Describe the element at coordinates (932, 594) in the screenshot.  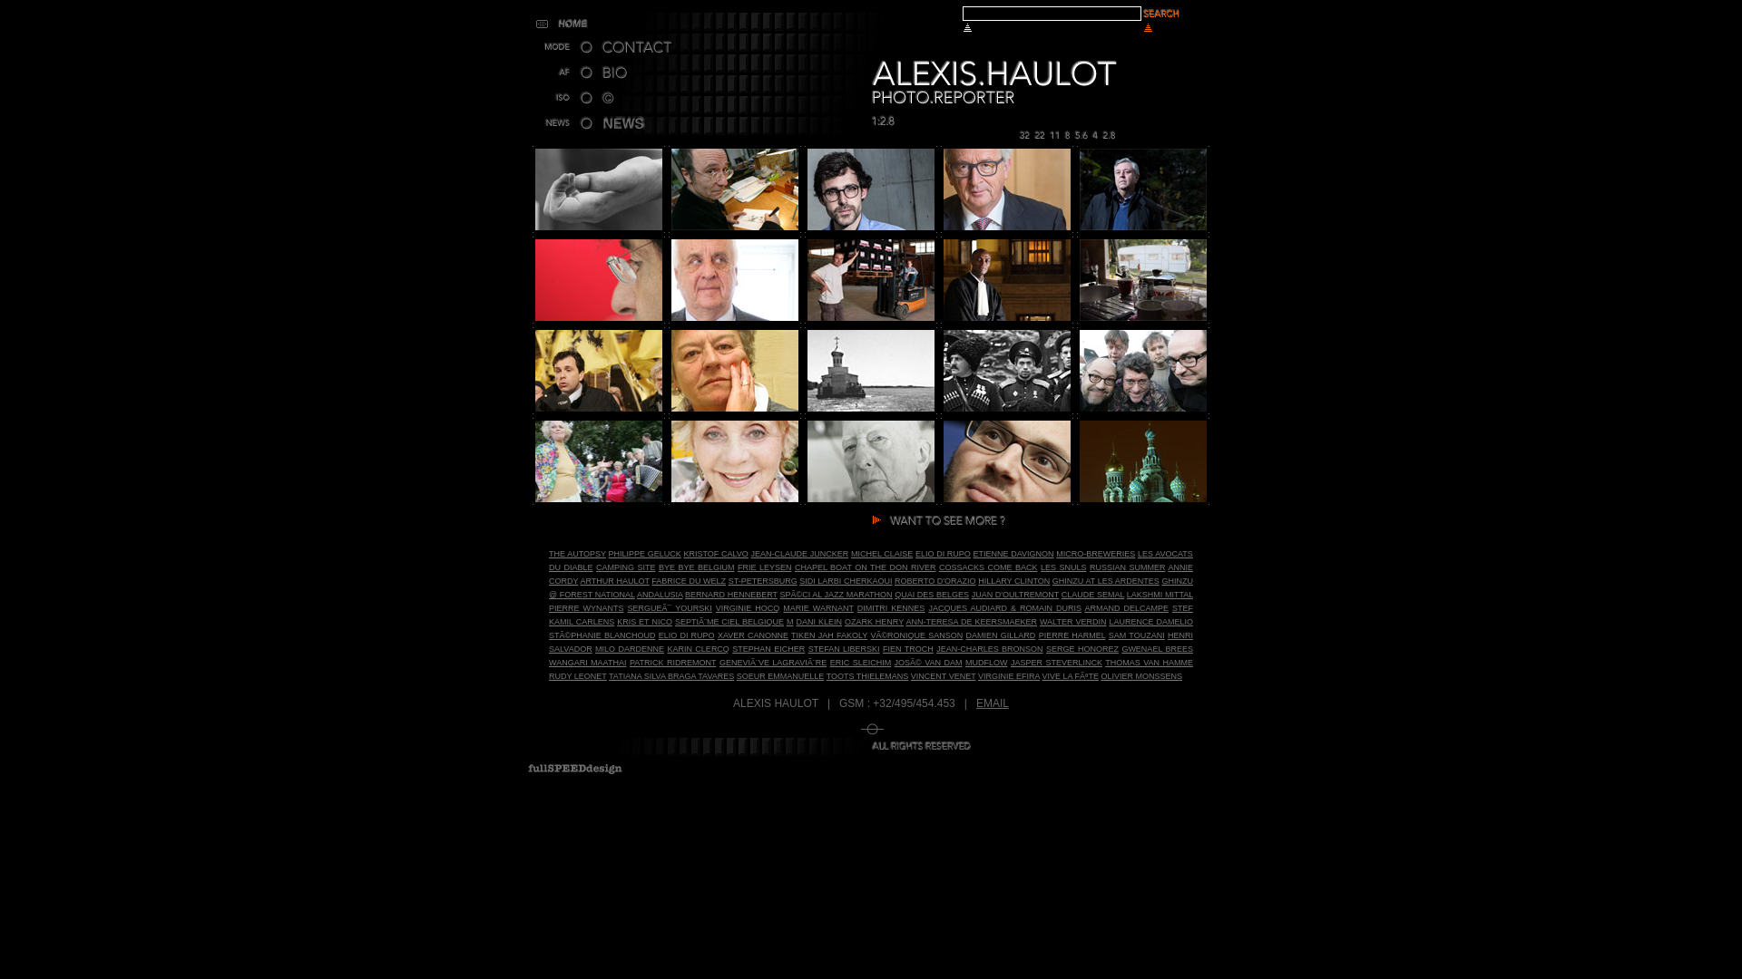
I see `'QUAI DES BELGES'` at that location.